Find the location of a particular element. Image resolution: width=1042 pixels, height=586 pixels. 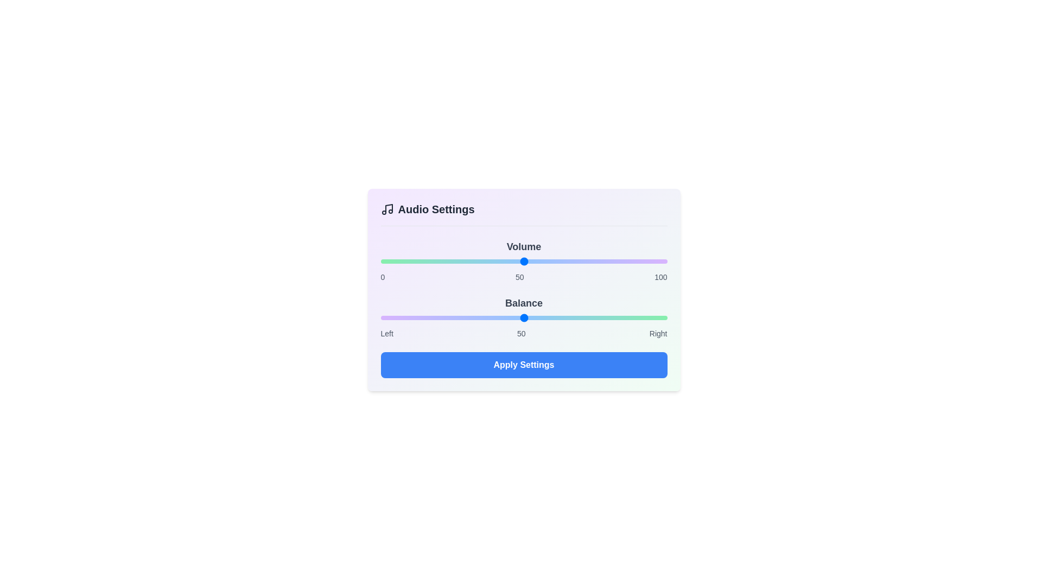

balance is located at coordinates (389, 317).